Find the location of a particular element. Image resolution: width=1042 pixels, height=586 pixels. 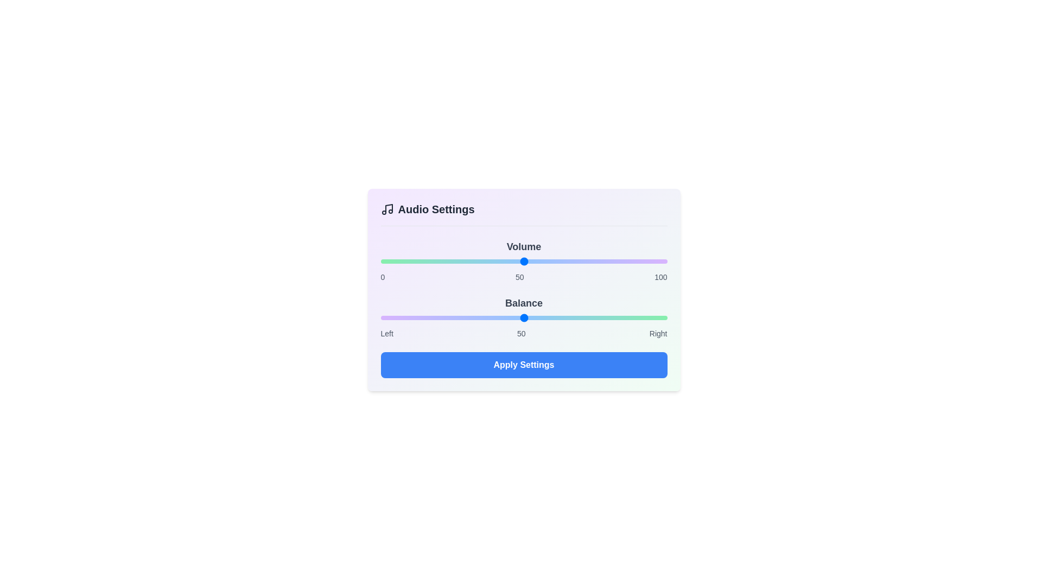

balance is located at coordinates (389, 317).